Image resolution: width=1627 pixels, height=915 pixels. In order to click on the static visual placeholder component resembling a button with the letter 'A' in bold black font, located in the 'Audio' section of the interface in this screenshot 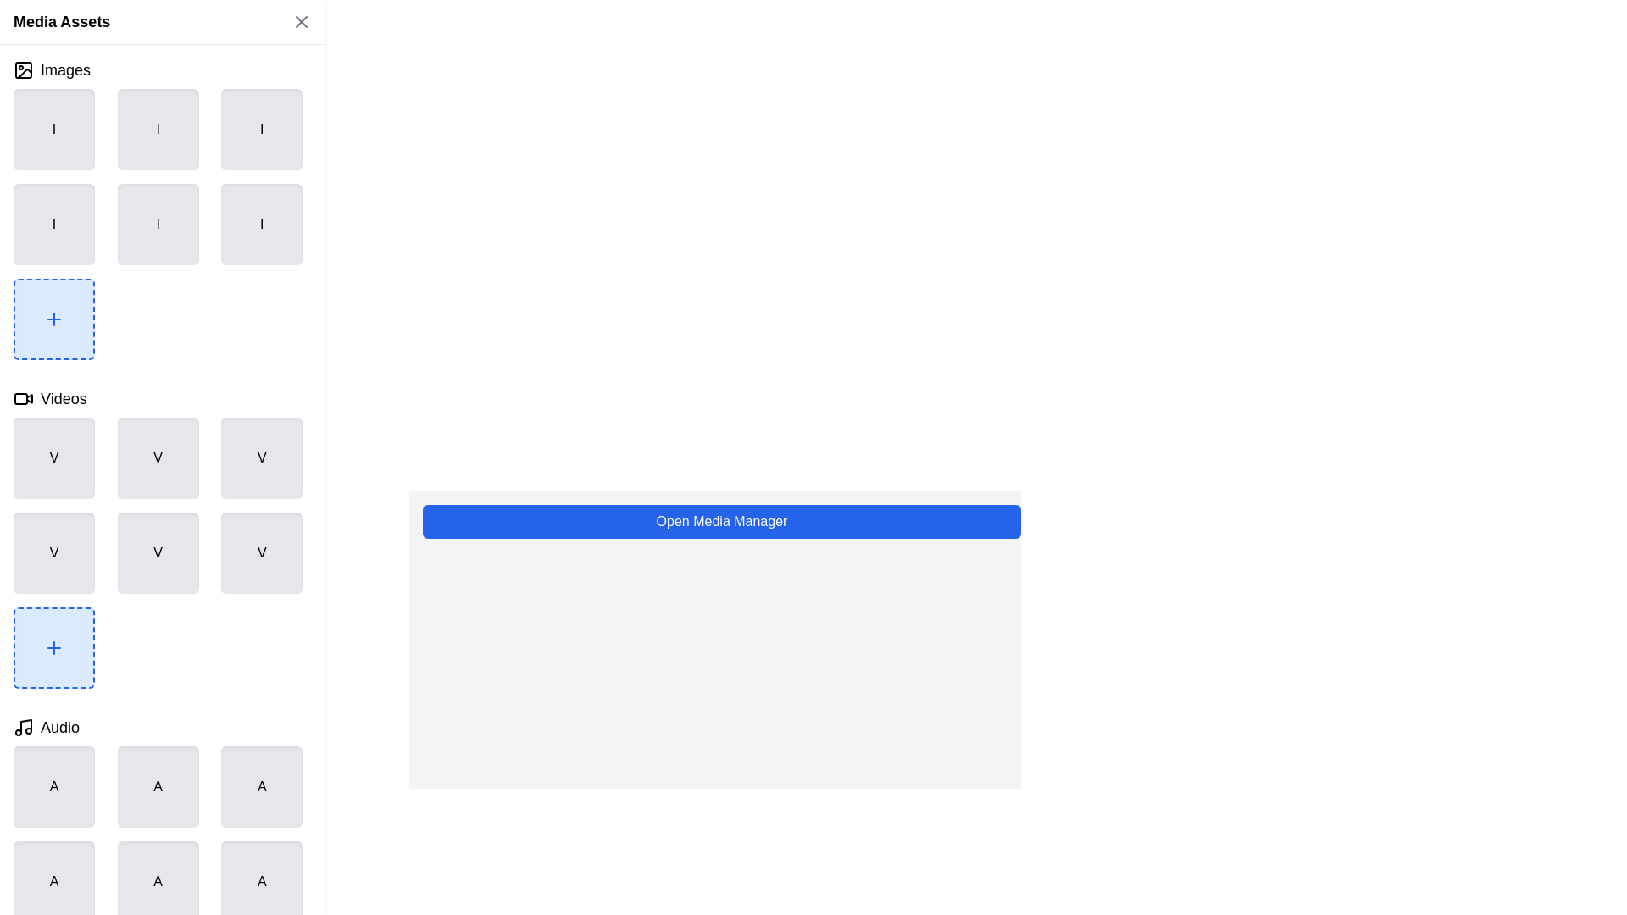, I will do `click(261, 787)`.